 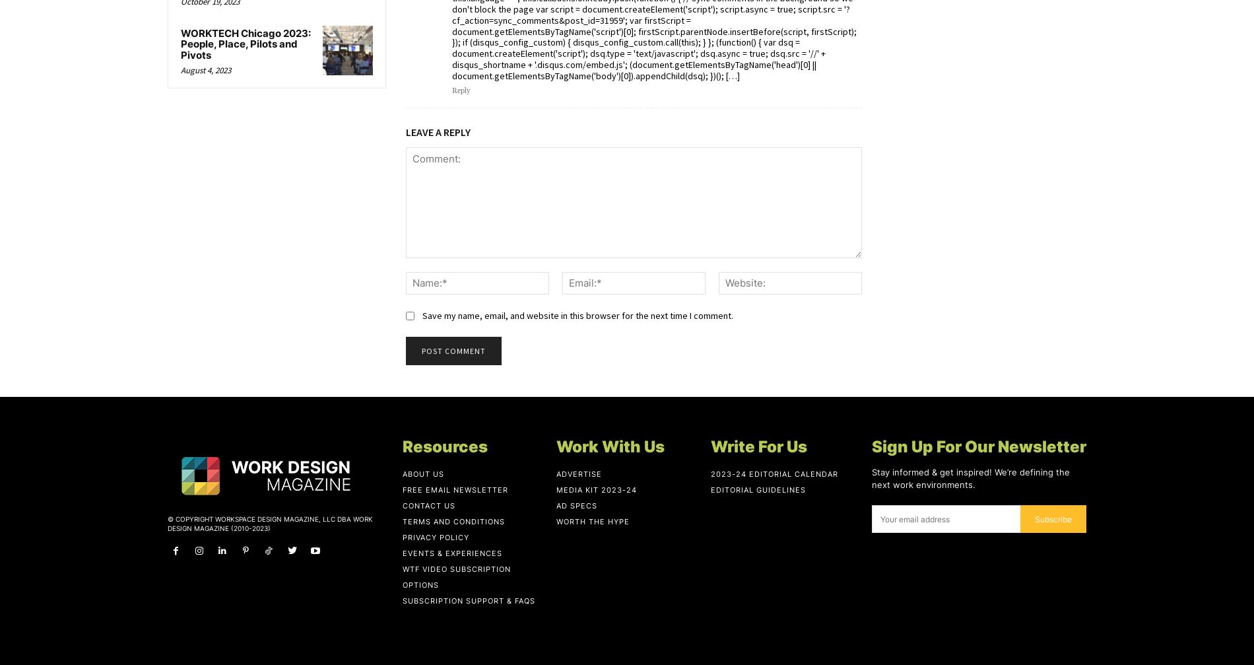 I want to click on '2023-24 Editorial Calendar', so click(x=774, y=473).